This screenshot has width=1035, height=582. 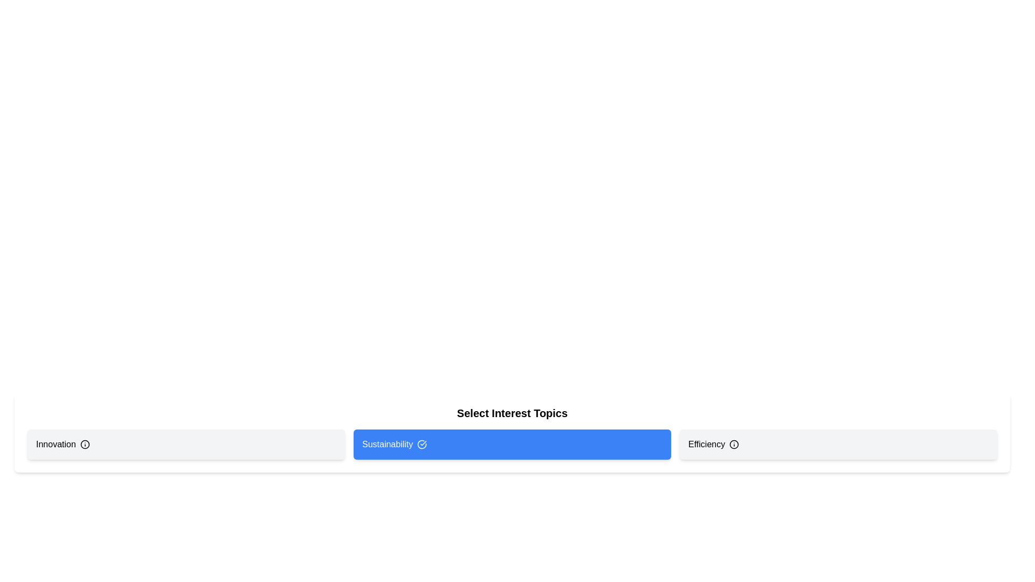 What do you see at coordinates (512, 445) in the screenshot?
I see `the 'Sustainability' tag to toggle its selection` at bounding box center [512, 445].